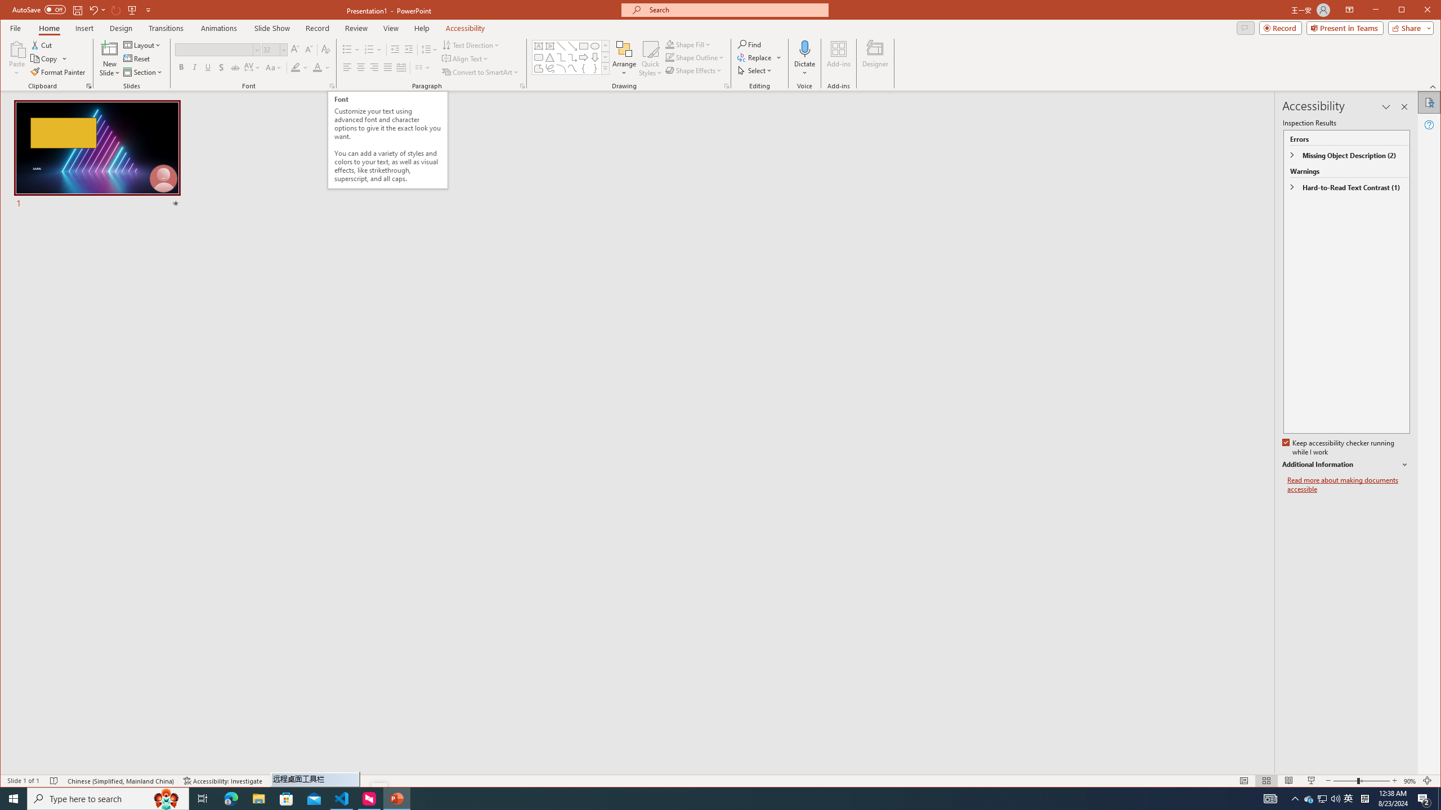 The height and width of the screenshot is (810, 1441). Describe the element at coordinates (1424, 798) in the screenshot. I see `'Action Center, 2 new notifications'` at that location.